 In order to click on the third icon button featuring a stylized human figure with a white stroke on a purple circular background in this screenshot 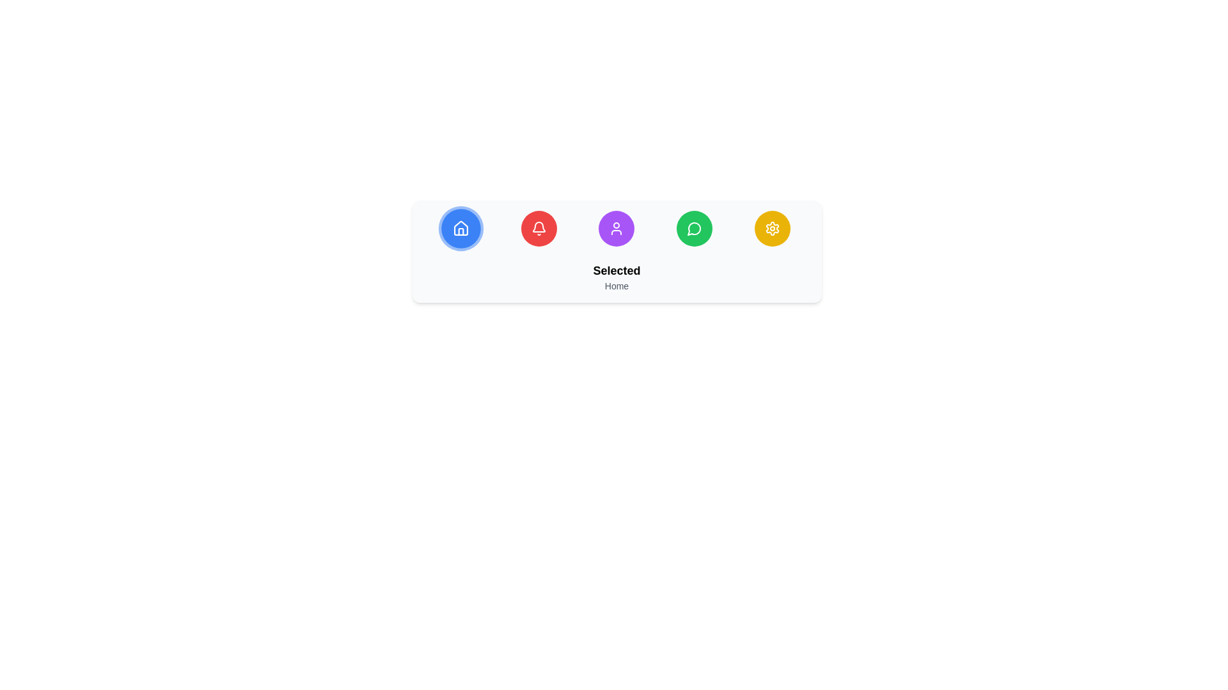, I will do `click(617, 228)`.